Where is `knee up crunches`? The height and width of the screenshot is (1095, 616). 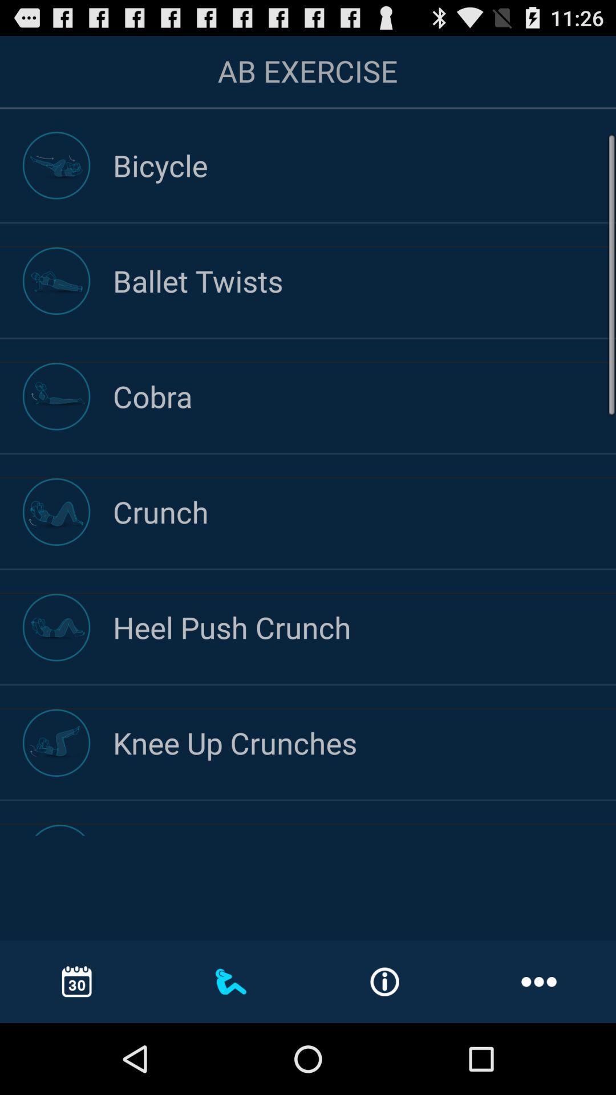 knee up crunches is located at coordinates (364, 743).